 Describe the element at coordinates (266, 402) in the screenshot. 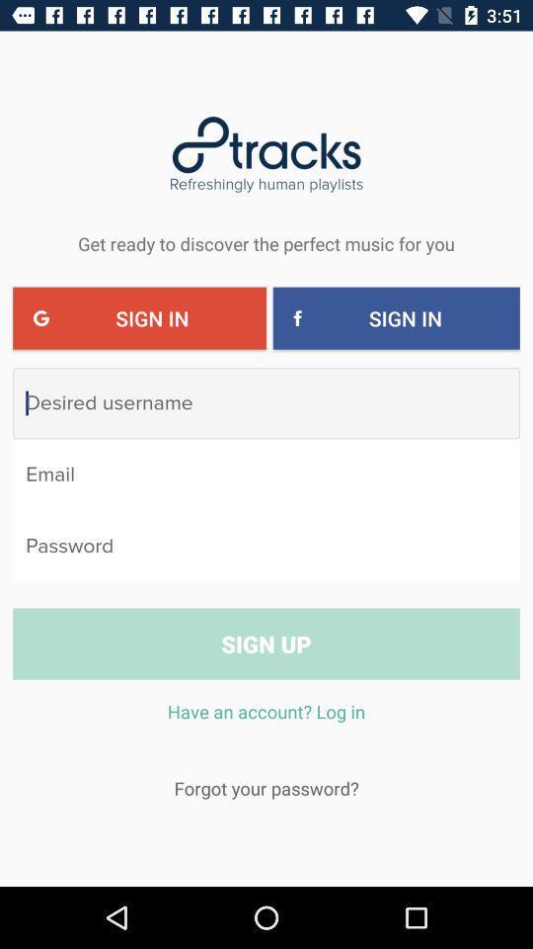

I see `desired` at that location.